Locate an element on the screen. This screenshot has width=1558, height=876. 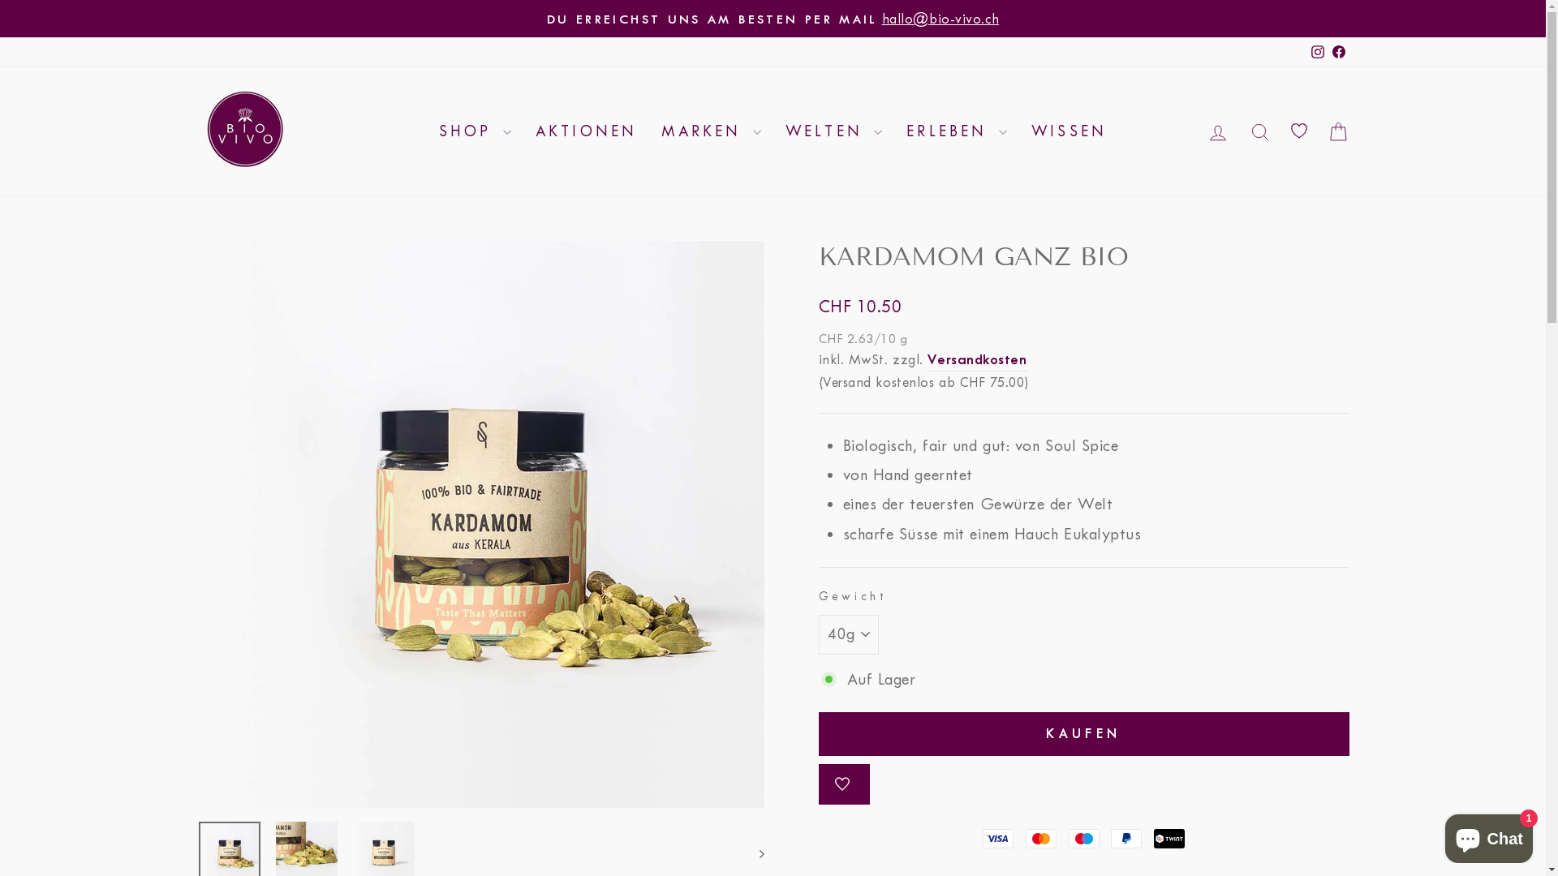
'AKTIONEN' is located at coordinates (586, 131).